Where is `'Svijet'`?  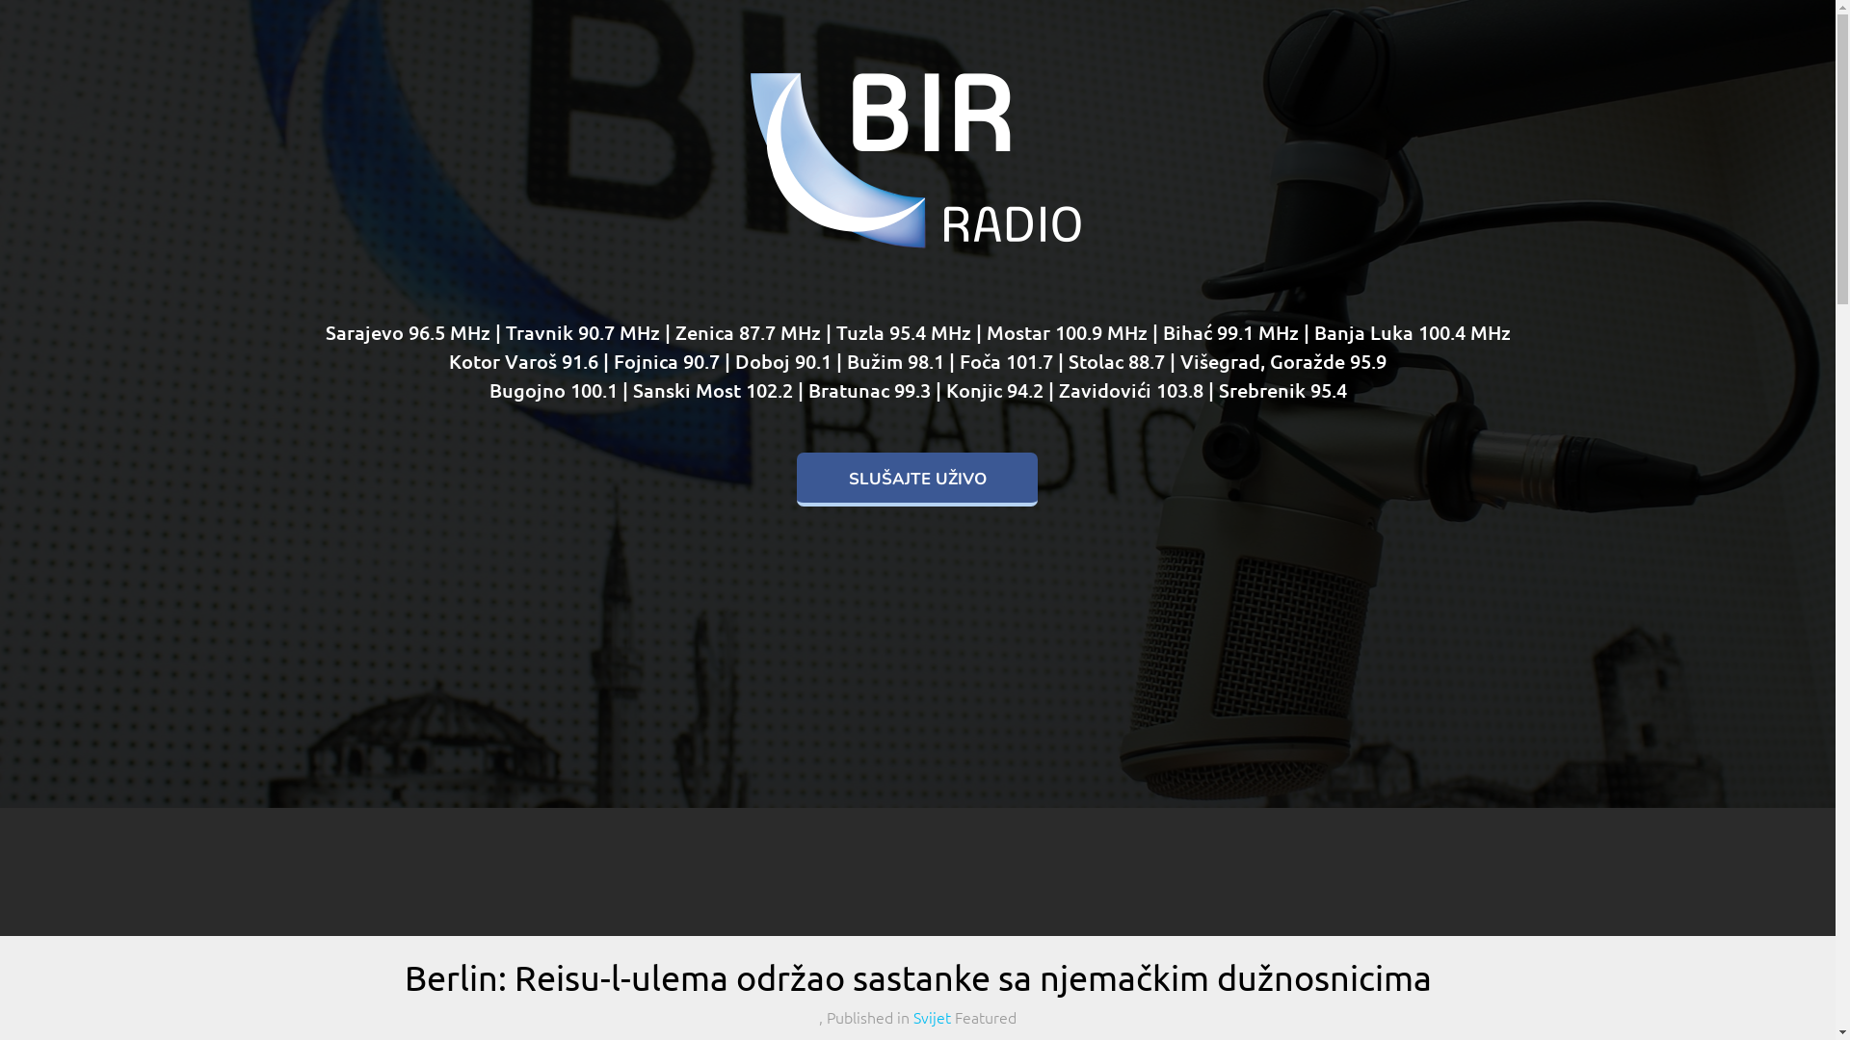 'Svijet' is located at coordinates (912, 1016).